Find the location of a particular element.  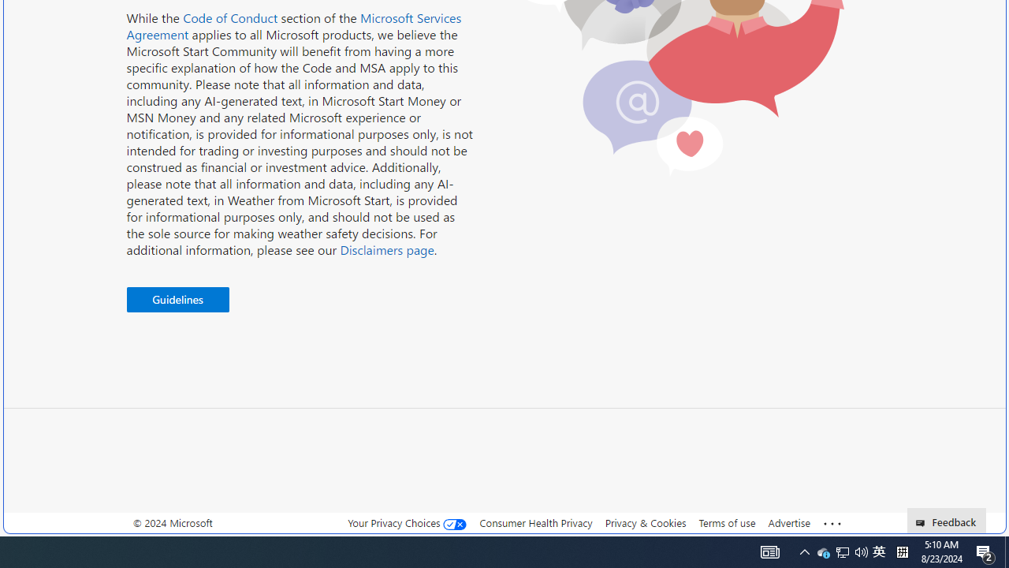

'Feedback' is located at coordinates (946, 520).